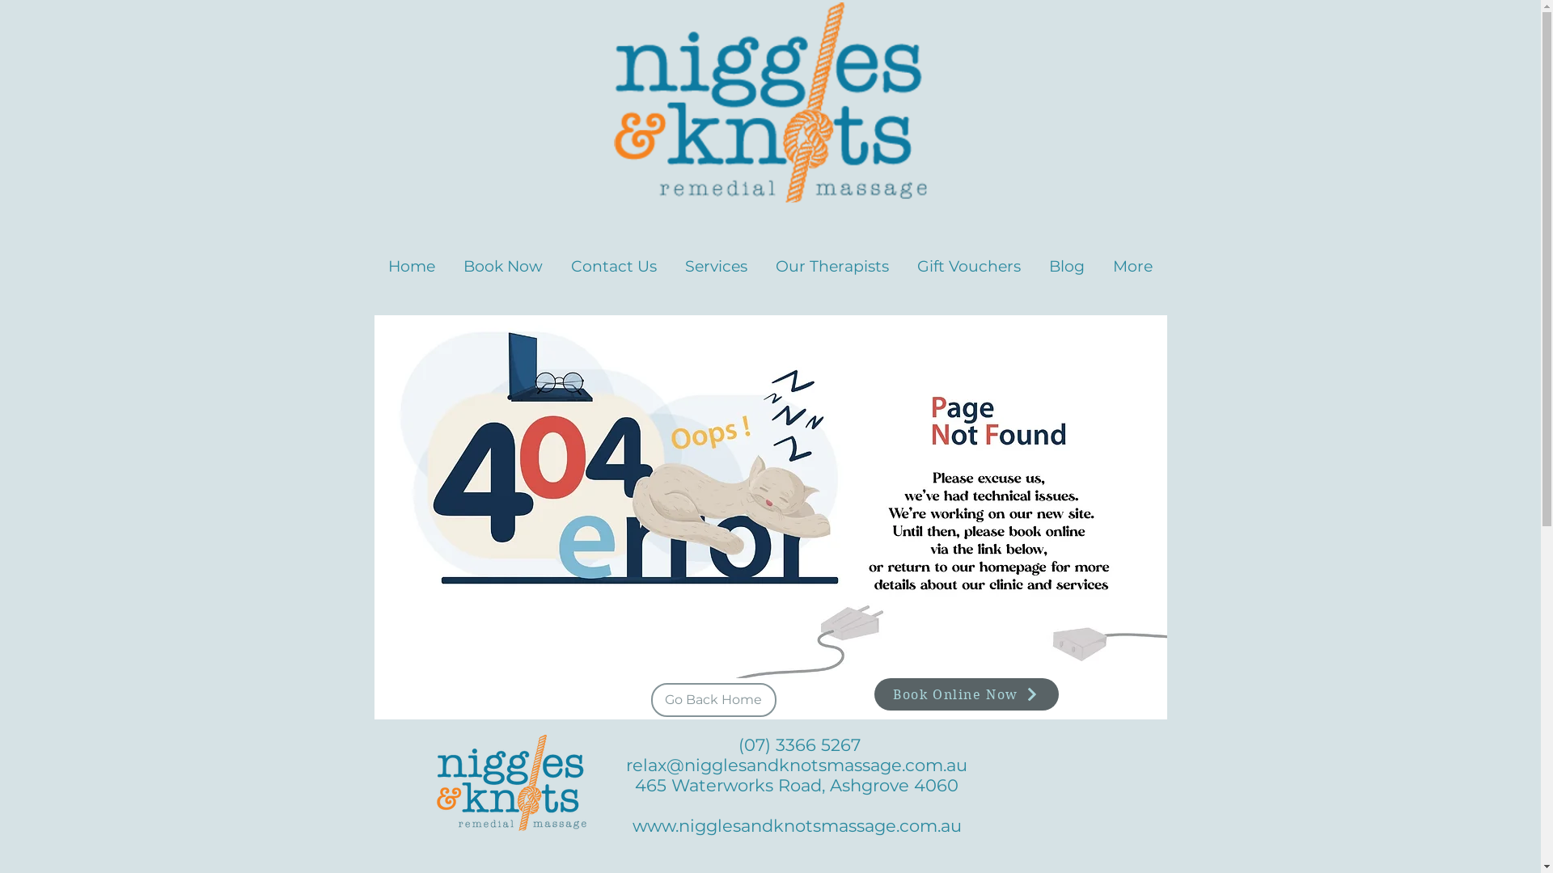 The image size is (1553, 873). I want to click on 'Blog', so click(1067, 258).